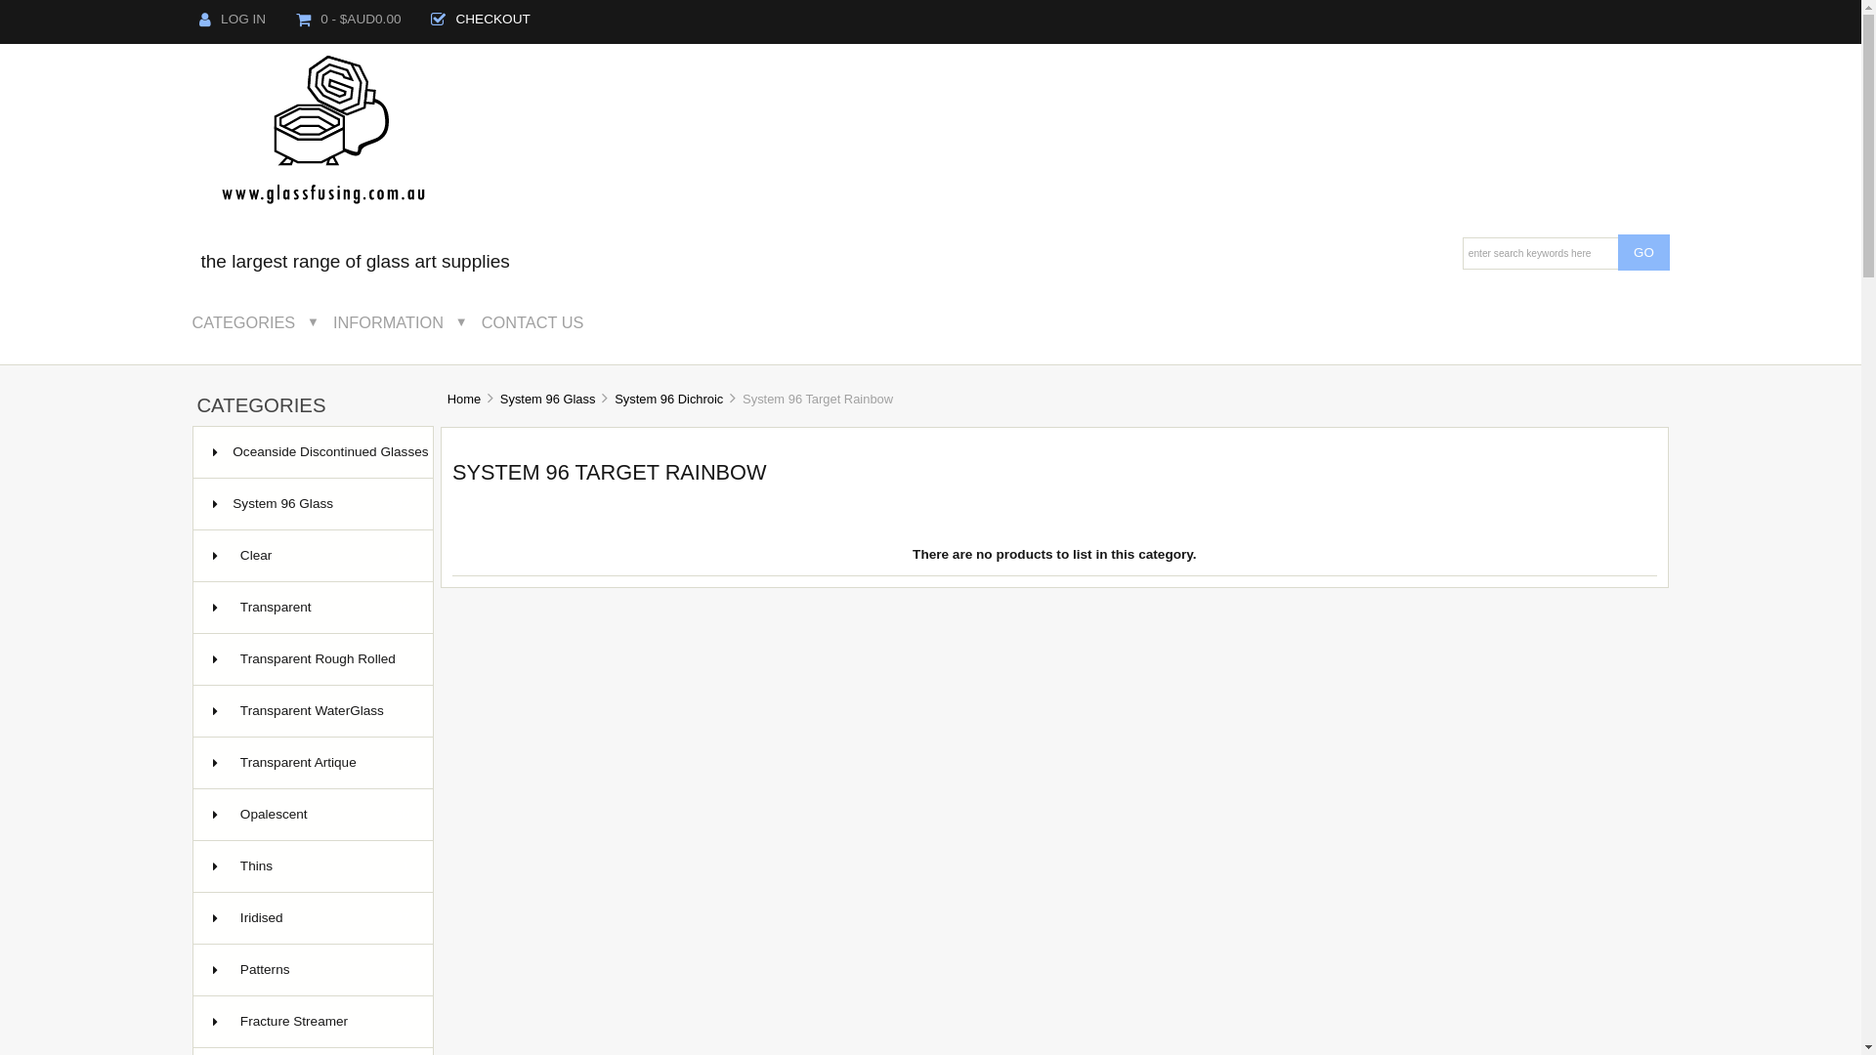 The image size is (1876, 1055). What do you see at coordinates (232, 19) in the screenshot?
I see `'LOG IN'` at bounding box center [232, 19].